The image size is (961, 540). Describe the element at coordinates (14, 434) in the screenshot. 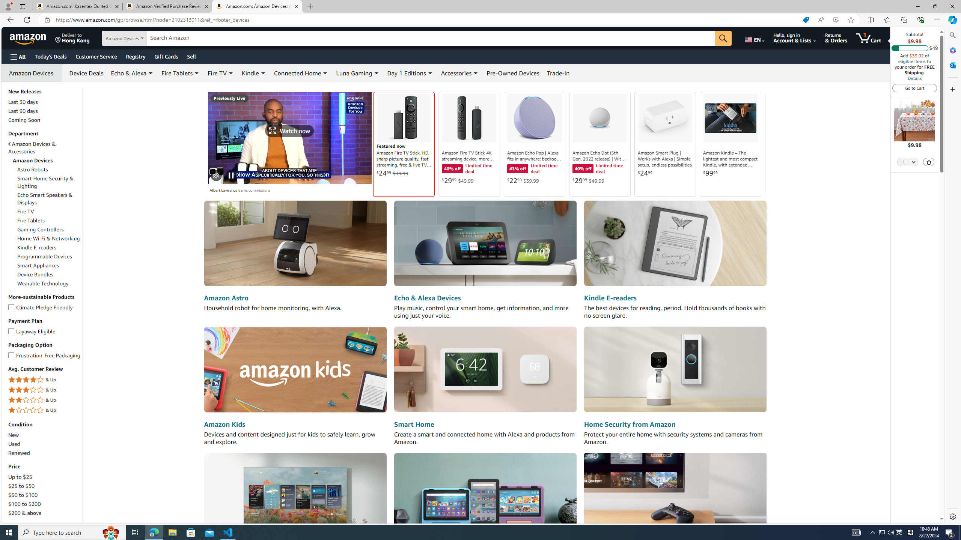

I see `'New'` at that location.